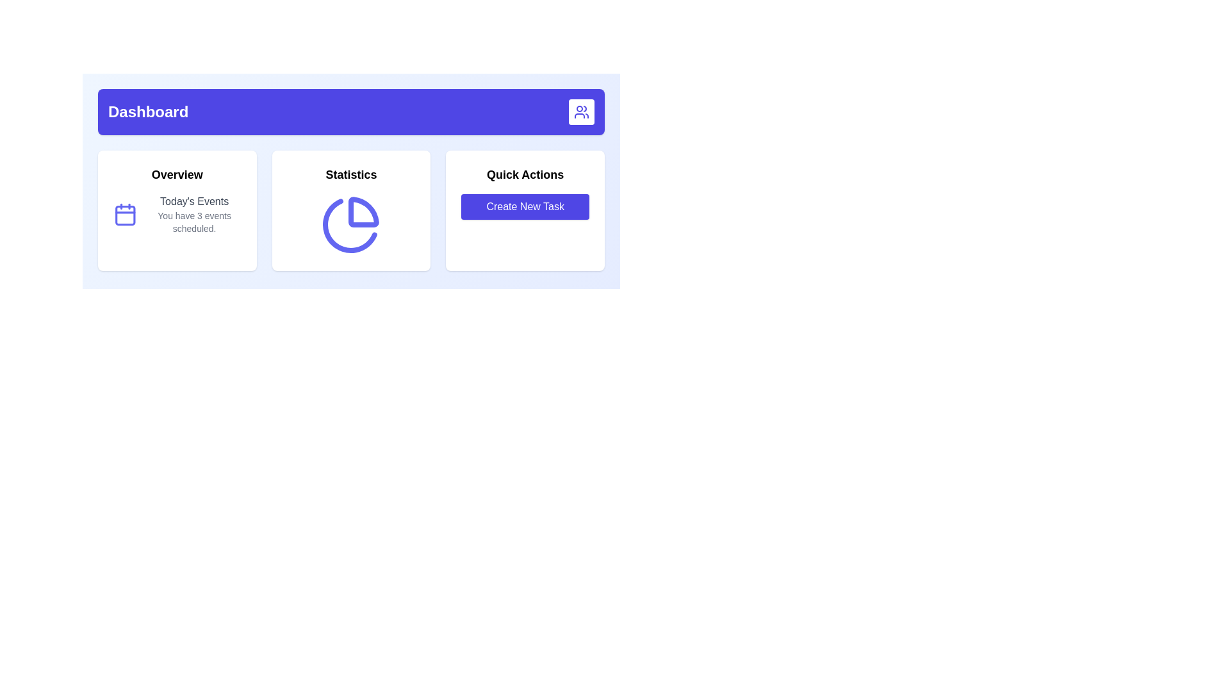 The height and width of the screenshot is (692, 1230). What do you see at coordinates (193, 202) in the screenshot?
I see `the text label displaying 'Today's Events' located in the upper part of the left panel labeled 'Overview'` at bounding box center [193, 202].